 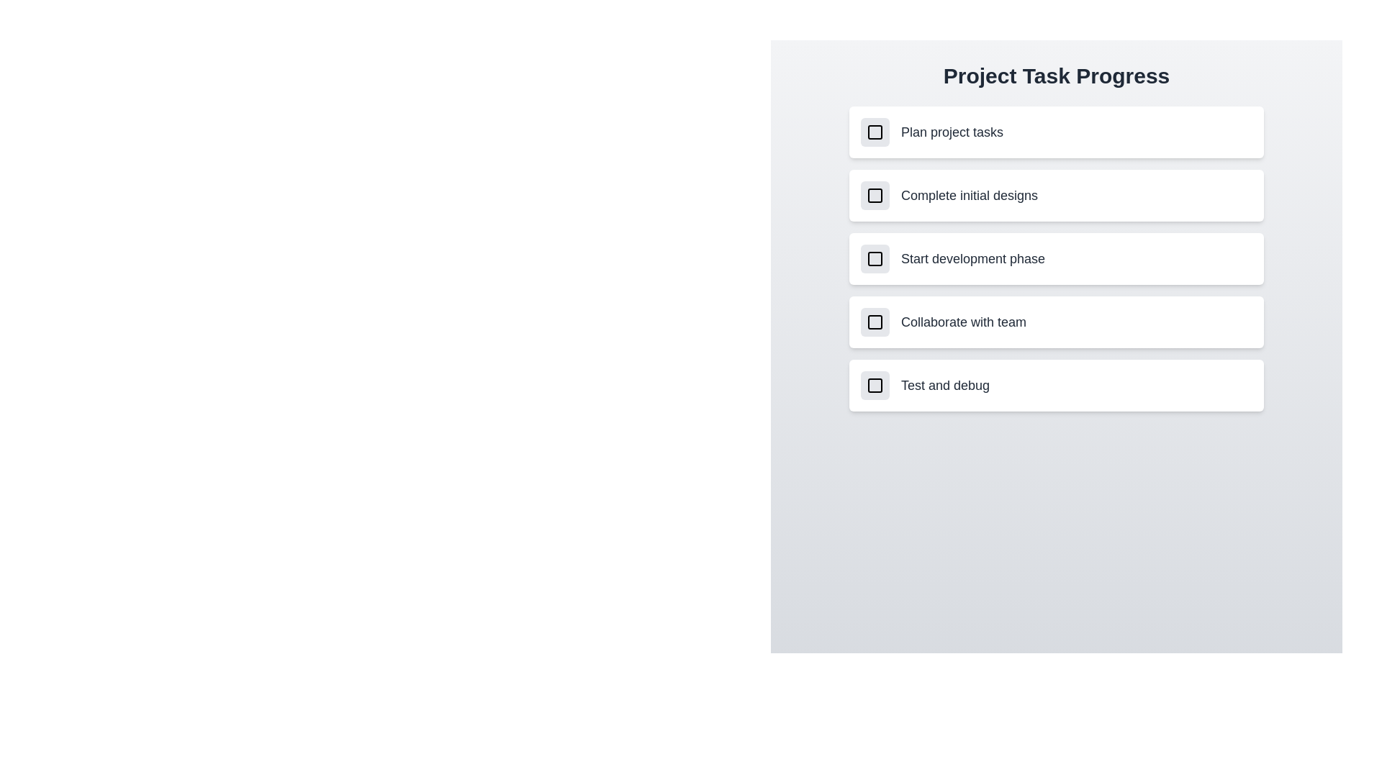 I want to click on the checkbox corresponding to the task 'Collaborate with team' to toggle its completion status, so click(x=874, y=321).